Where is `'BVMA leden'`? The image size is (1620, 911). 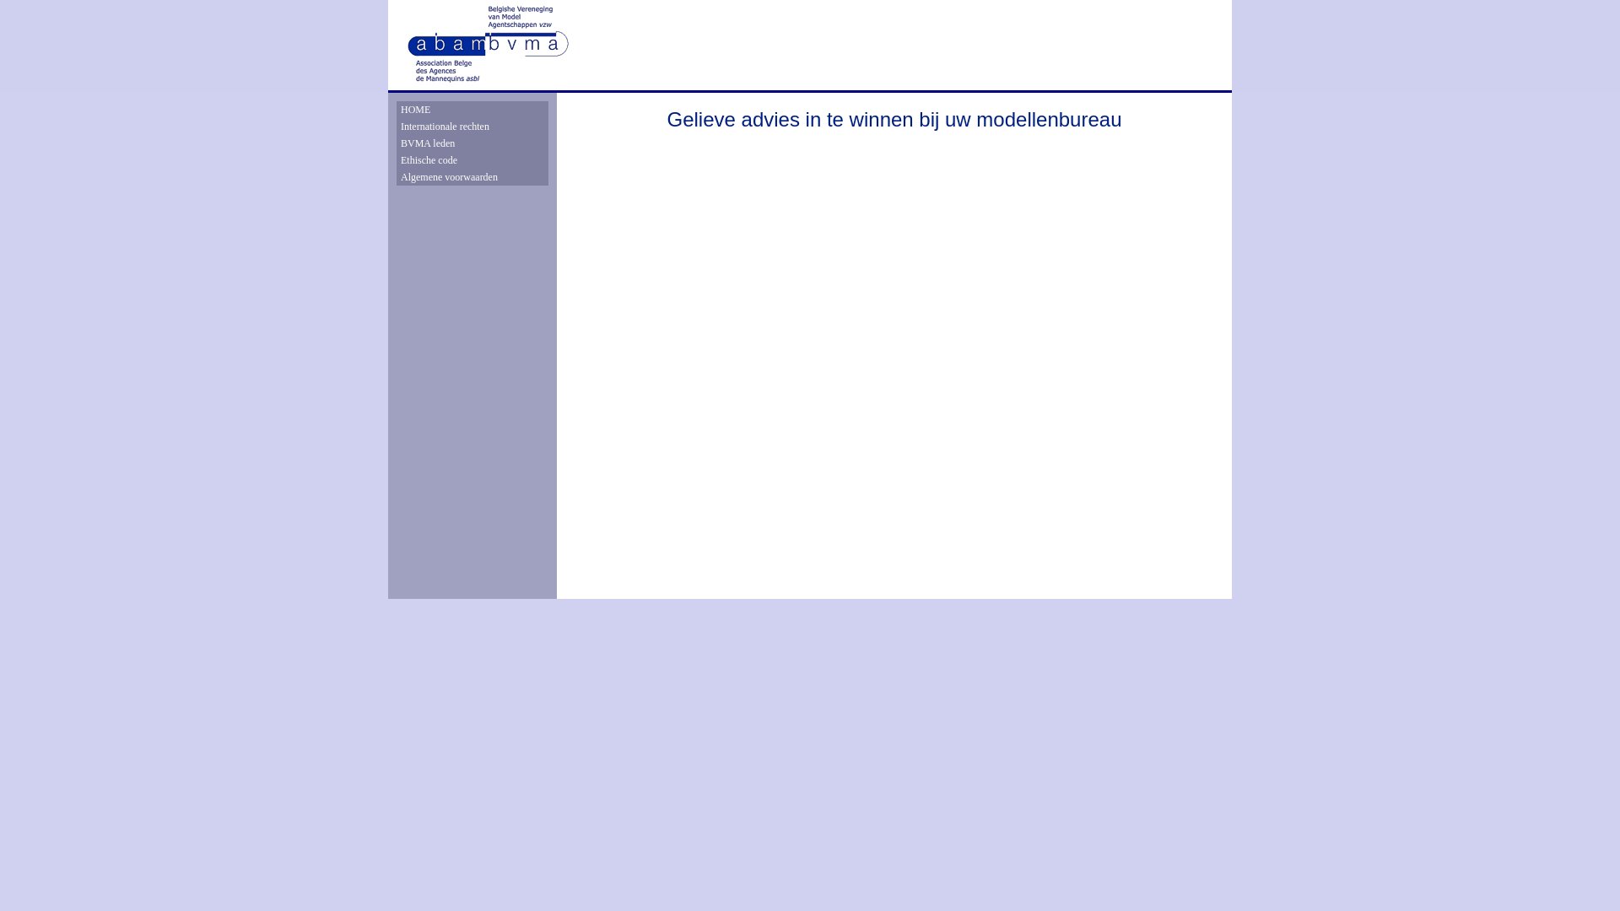 'BVMA leden' is located at coordinates (472, 142).